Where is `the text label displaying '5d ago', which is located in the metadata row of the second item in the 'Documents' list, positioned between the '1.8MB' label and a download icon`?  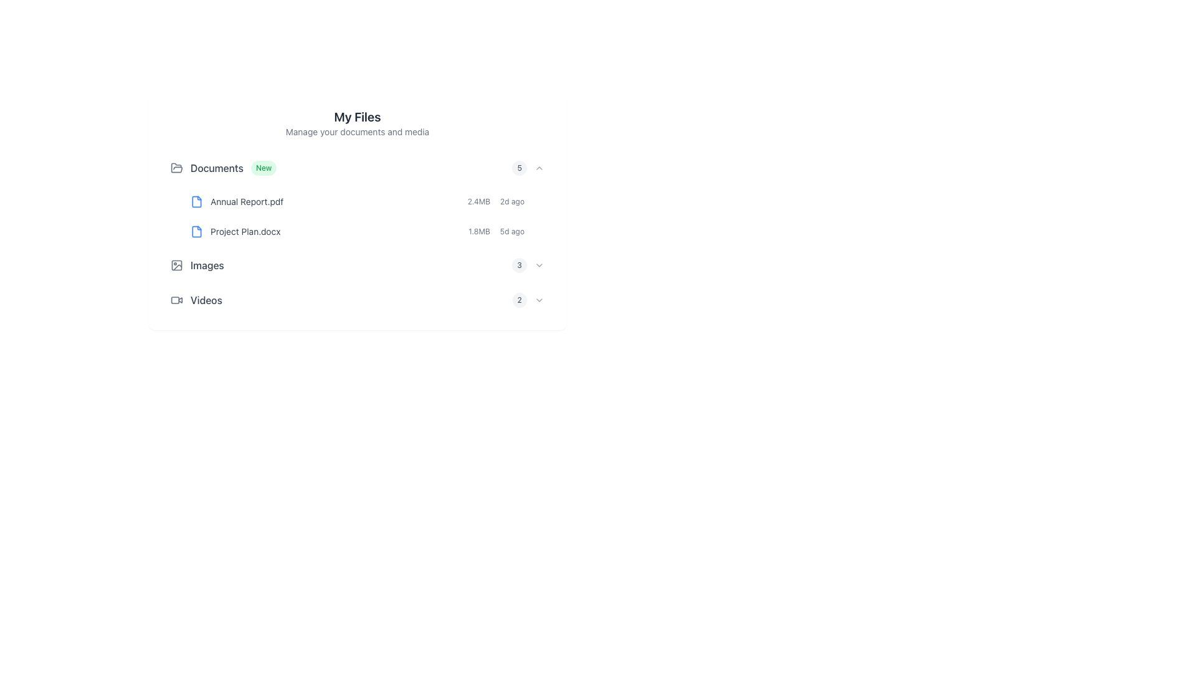
the text label displaying '5d ago', which is located in the metadata row of the second item in the 'Documents' list, positioned between the '1.8MB' label and a download icon is located at coordinates (512, 231).